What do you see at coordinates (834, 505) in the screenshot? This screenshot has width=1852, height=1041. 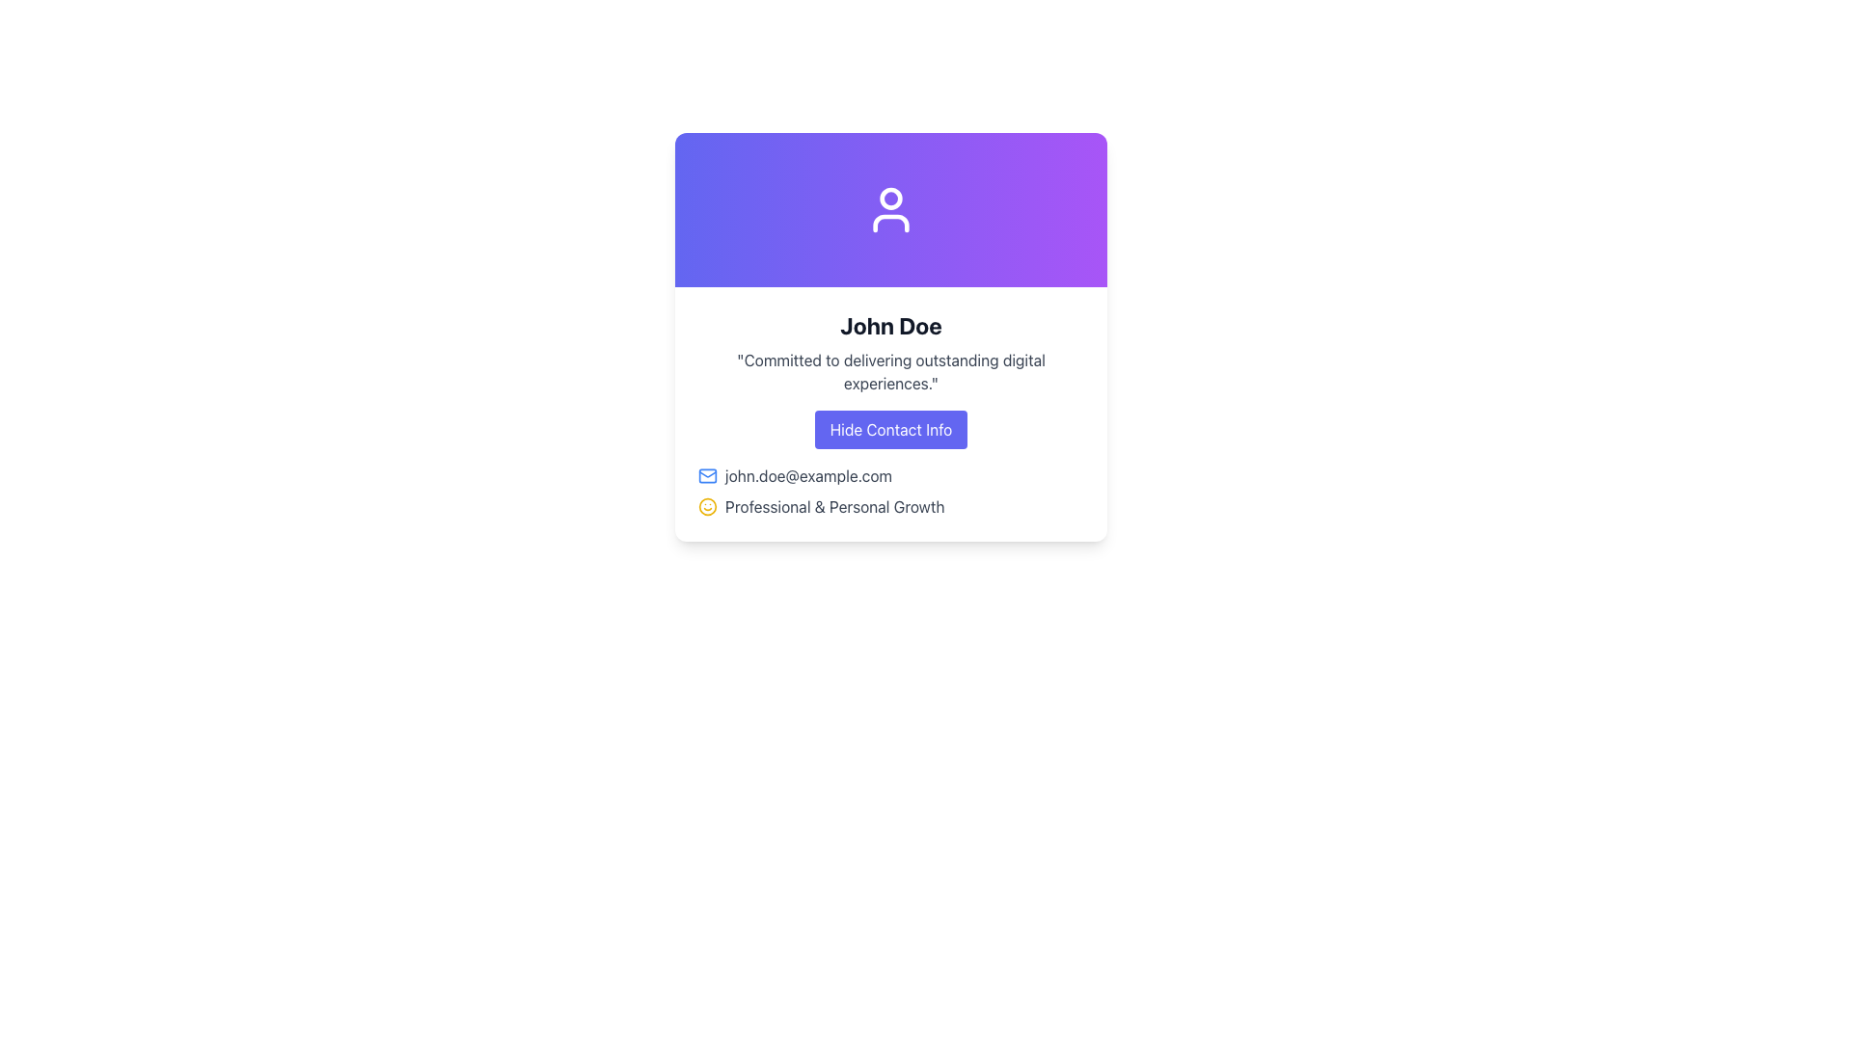 I see `the Text Label located below the email address line item and to the right of a smiley face icon in the card-like interface` at bounding box center [834, 505].